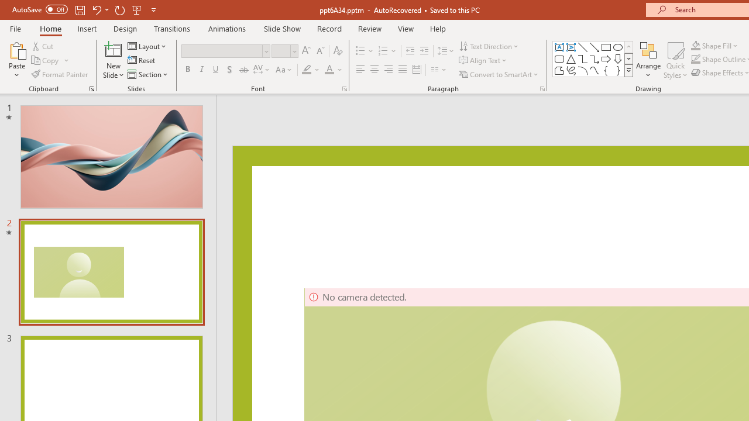  I want to click on 'Paragraph...', so click(541, 88).